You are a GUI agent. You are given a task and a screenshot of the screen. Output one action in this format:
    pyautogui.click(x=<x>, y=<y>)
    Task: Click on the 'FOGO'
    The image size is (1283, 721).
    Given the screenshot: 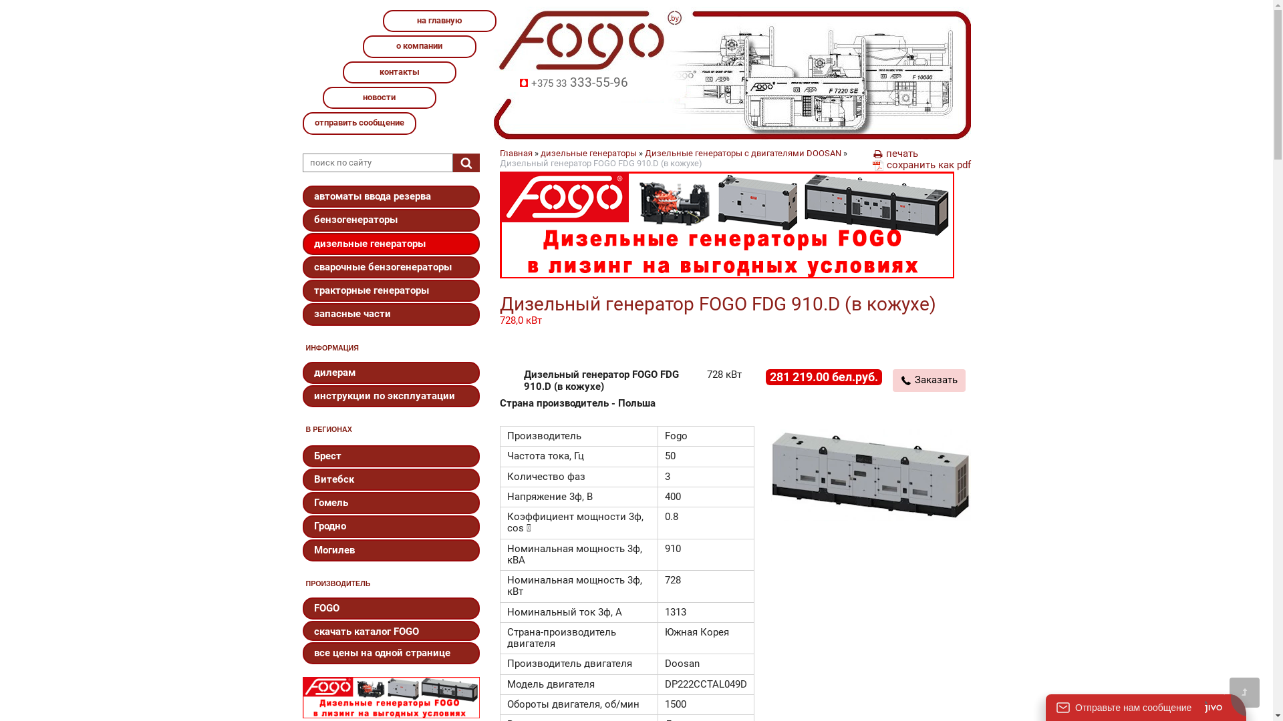 What is the action you would take?
    pyautogui.click(x=390, y=608)
    